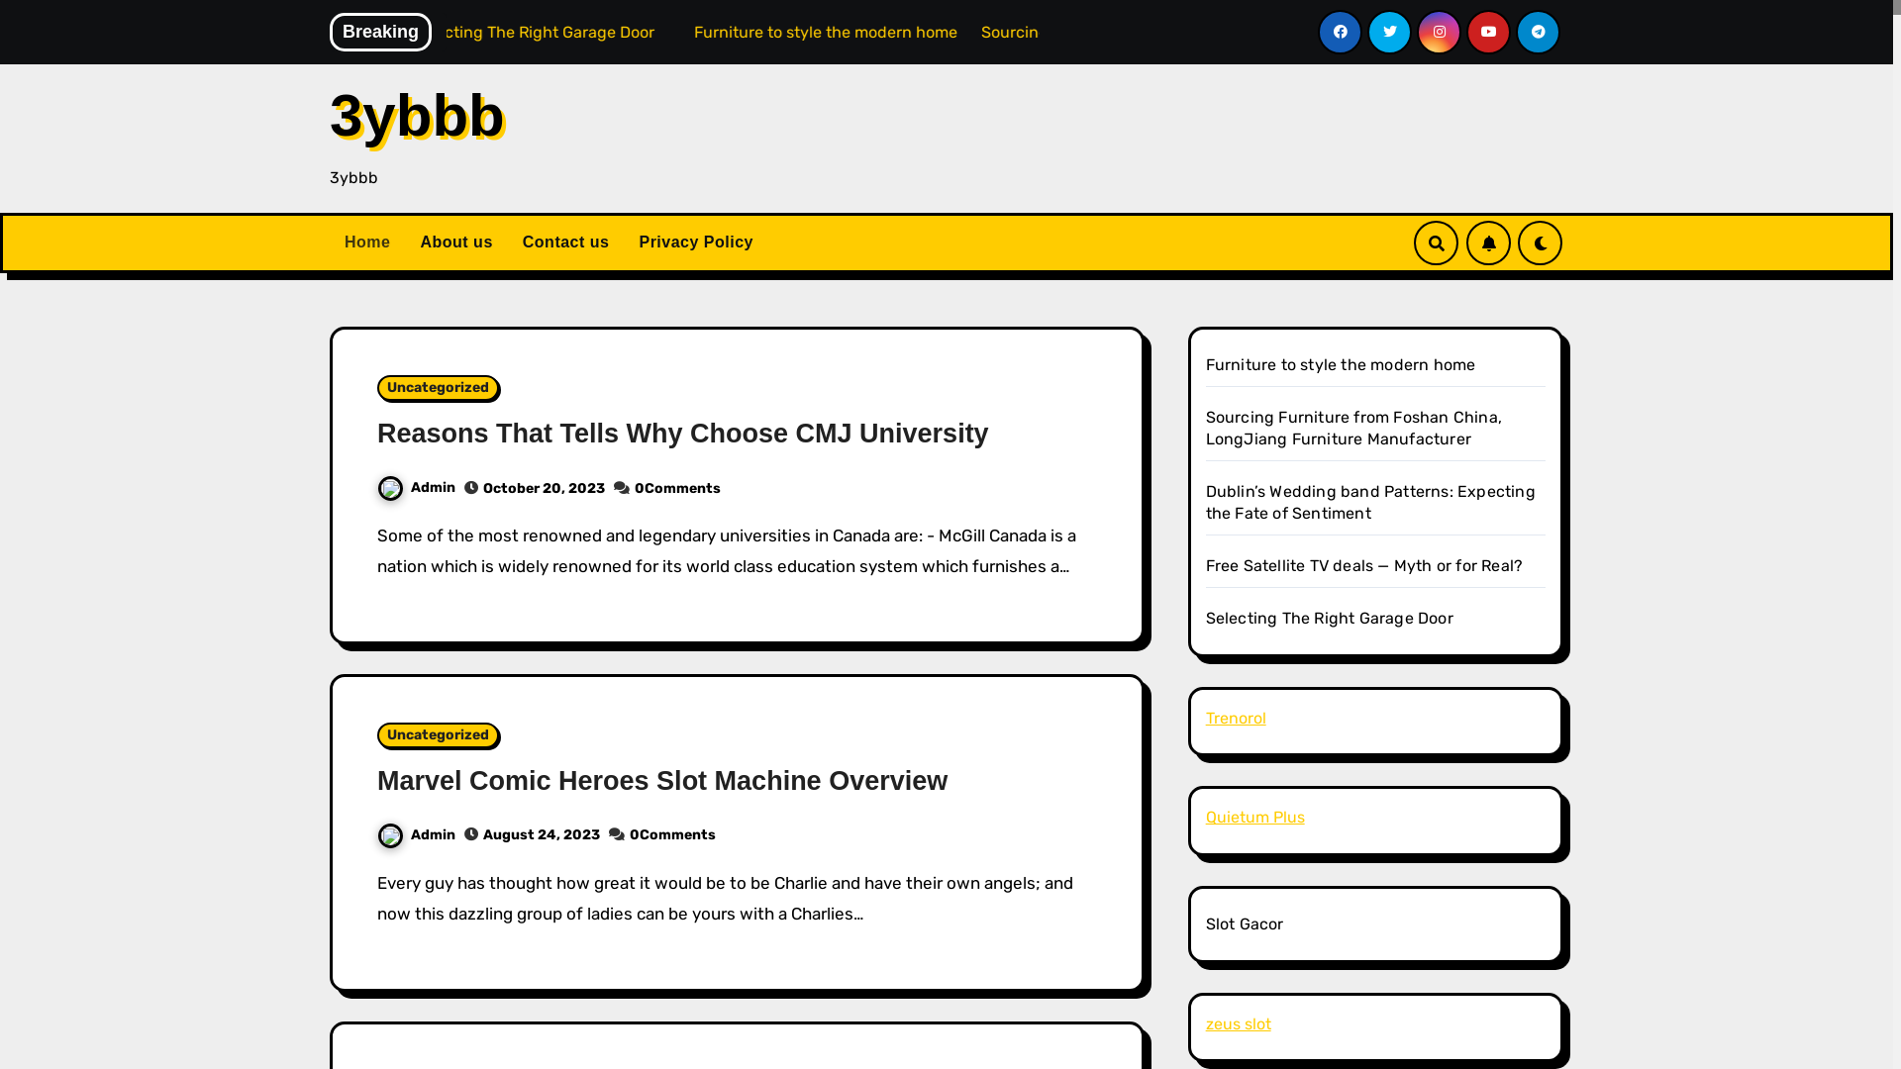  Describe the element at coordinates (695, 242) in the screenshot. I see `'Privacy Policy'` at that location.